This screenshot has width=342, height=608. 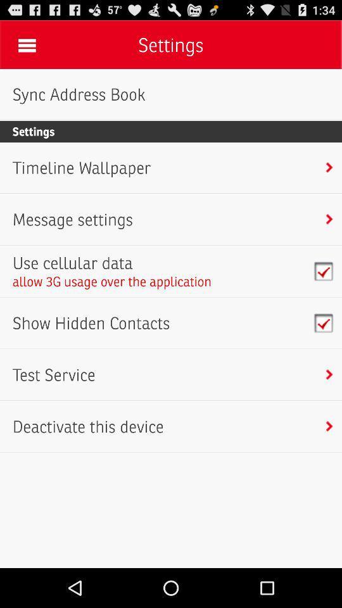 I want to click on use cellular data, so click(x=112, y=262).